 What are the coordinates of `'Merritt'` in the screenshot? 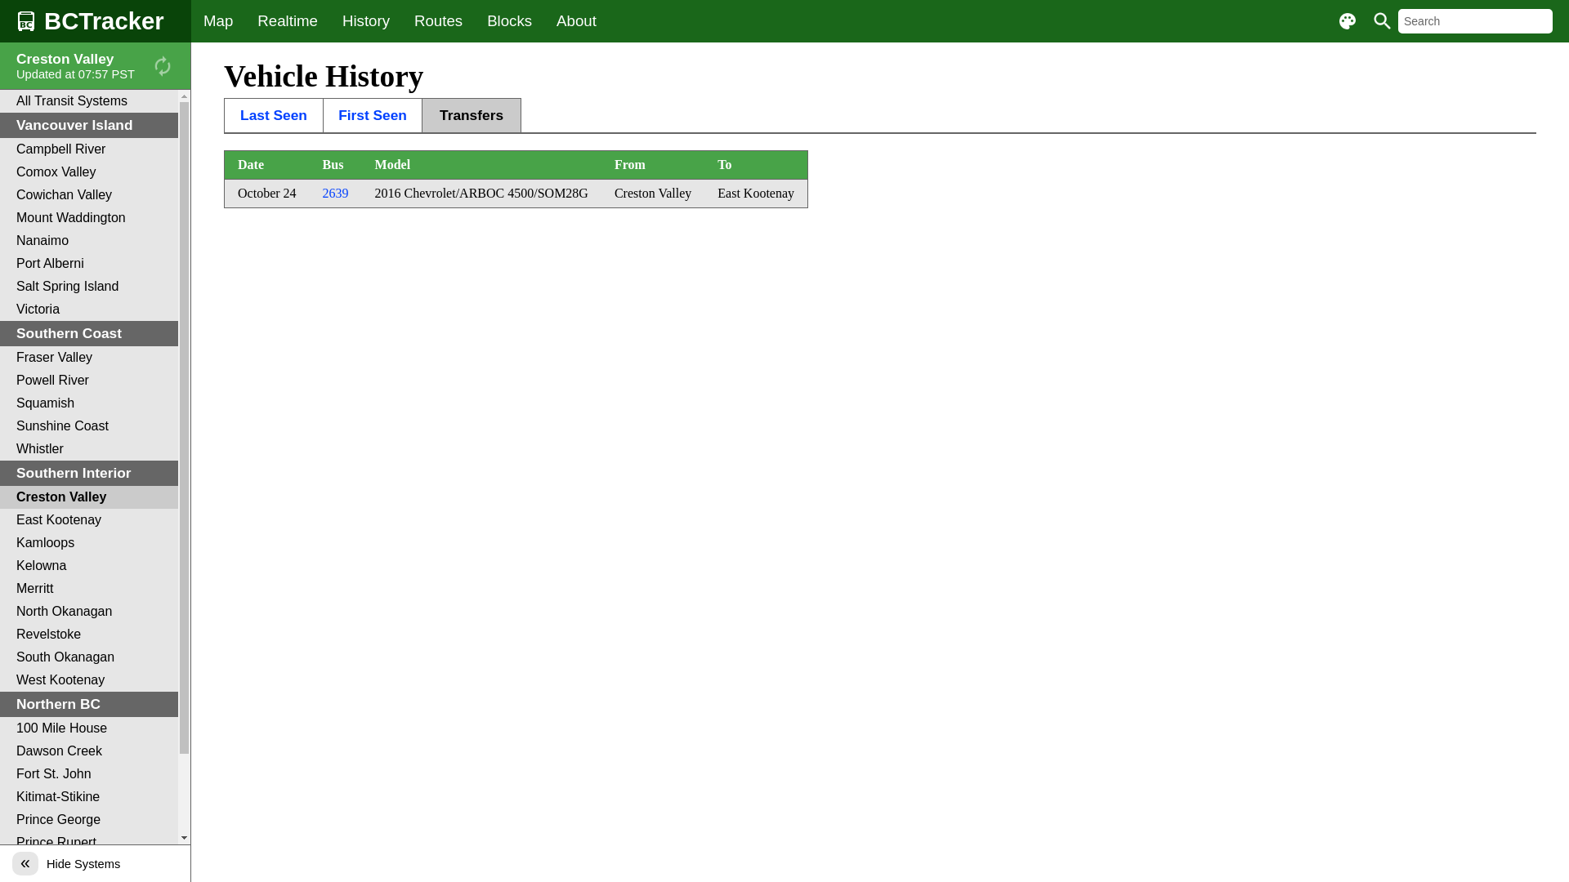 It's located at (88, 589).